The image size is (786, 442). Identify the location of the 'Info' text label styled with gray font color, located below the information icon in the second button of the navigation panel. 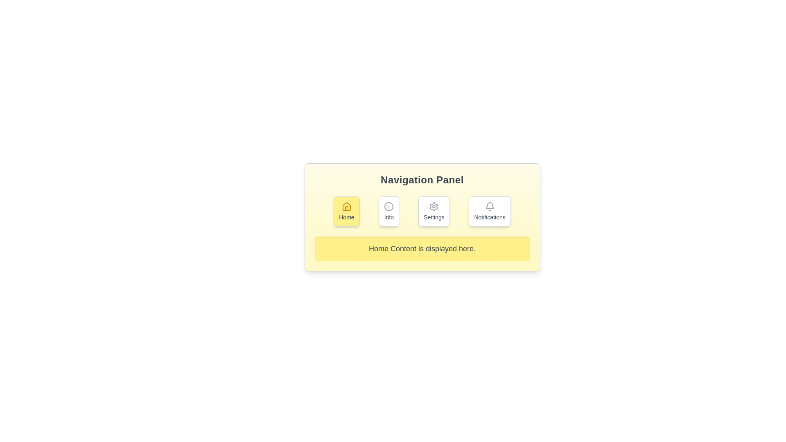
(388, 217).